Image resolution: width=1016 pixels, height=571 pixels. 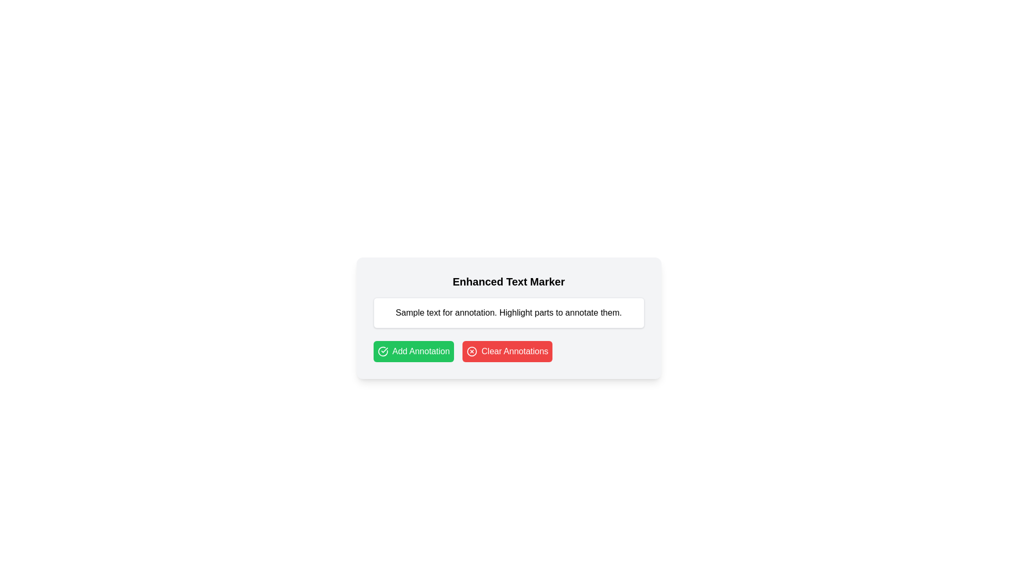 I want to click on the text element displaying the letter 't', which is the 11th character in the sentence 'Sample text for annotation.', so click(x=439, y=312).